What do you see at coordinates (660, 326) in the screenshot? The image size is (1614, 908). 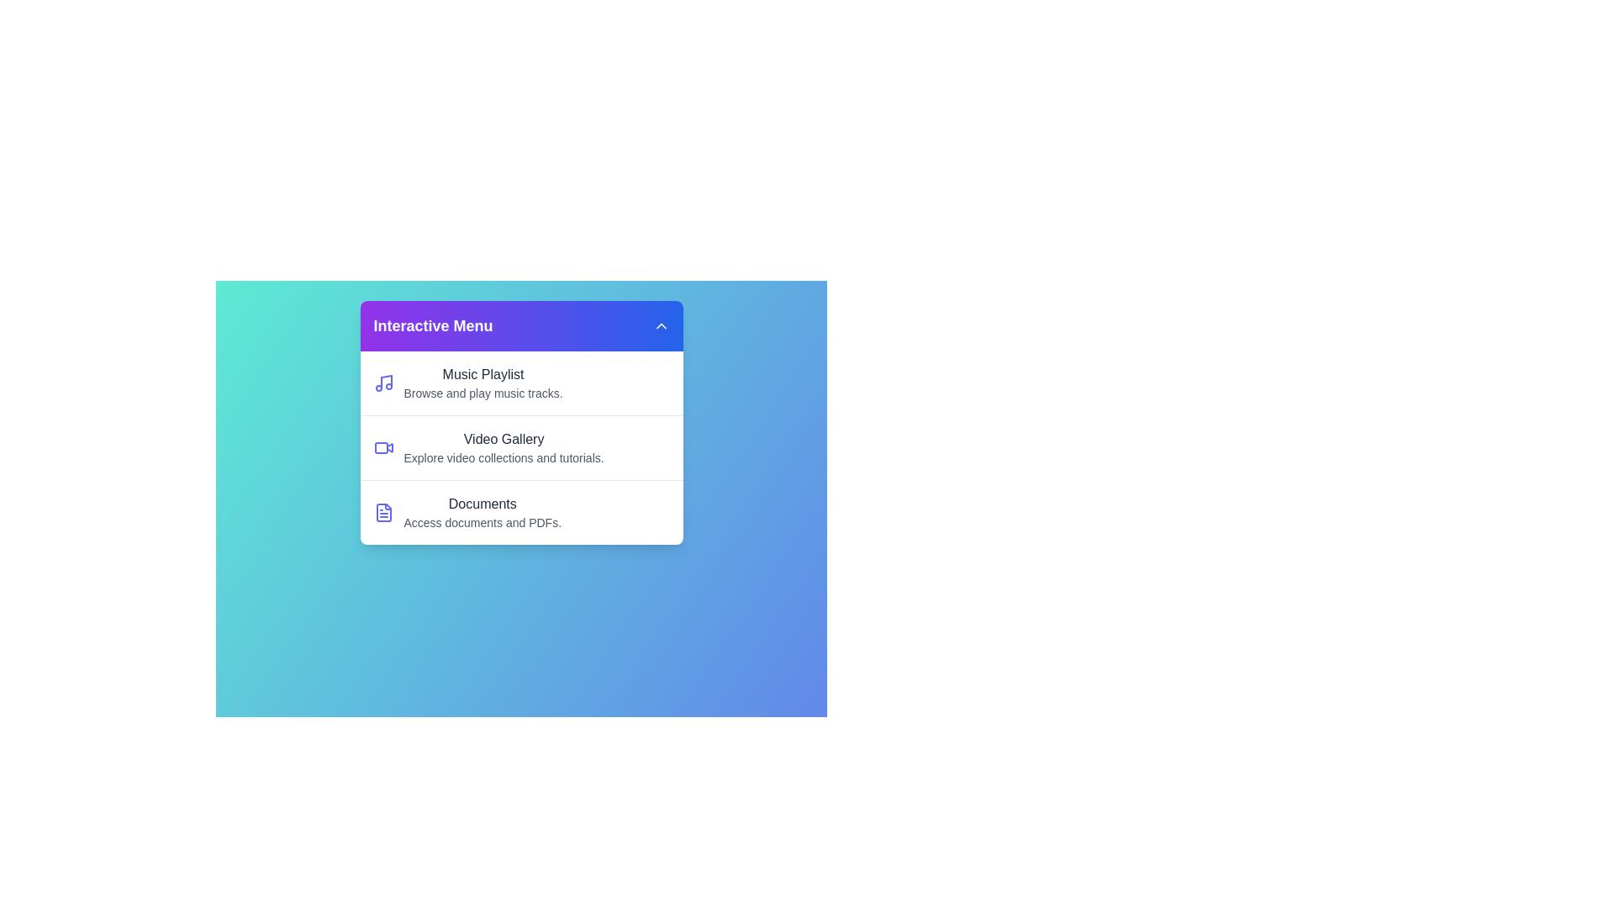 I see `chevron button at the top-right corner of the menu to toggle its expanded state` at bounding box center [660, 326].